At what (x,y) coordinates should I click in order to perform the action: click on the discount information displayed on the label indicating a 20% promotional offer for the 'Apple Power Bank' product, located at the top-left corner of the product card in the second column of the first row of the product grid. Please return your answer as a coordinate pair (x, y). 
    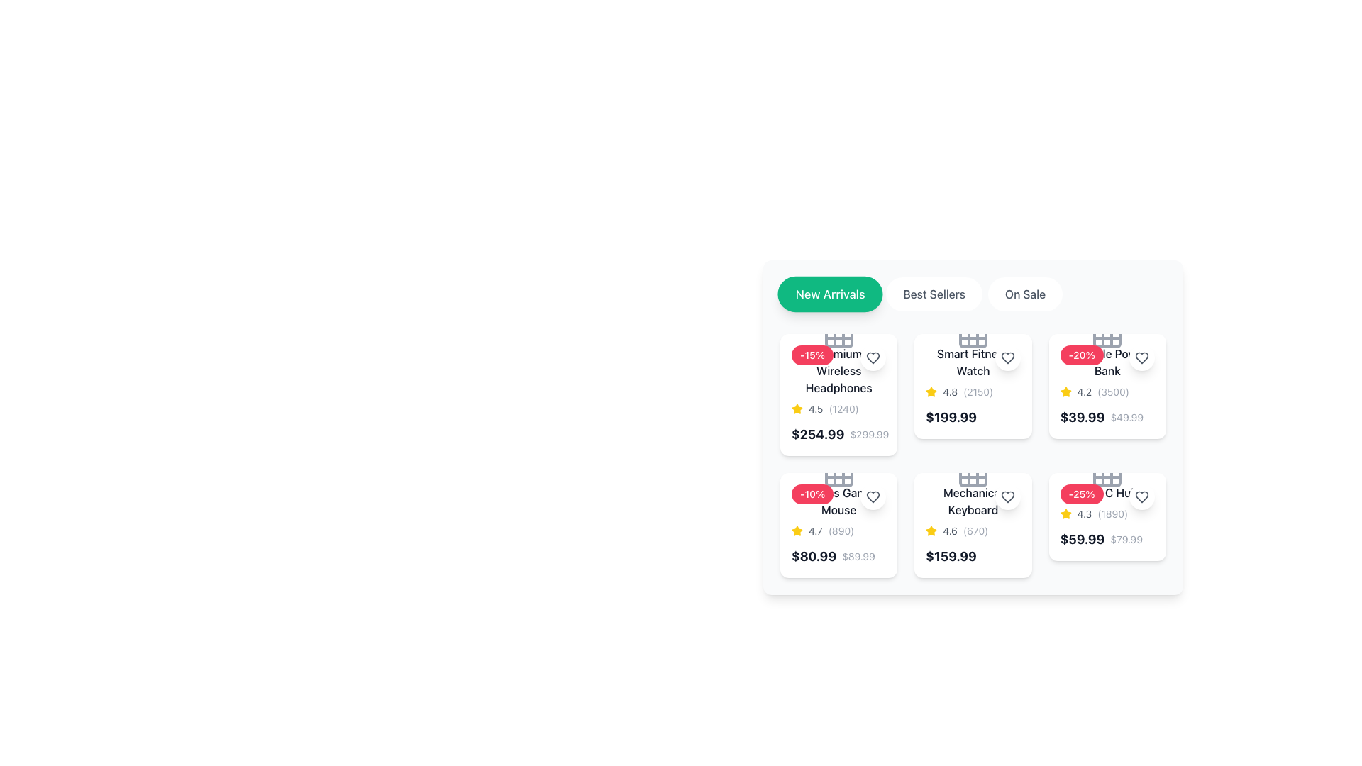
    Looking at the image, I should click on (1081, 355).